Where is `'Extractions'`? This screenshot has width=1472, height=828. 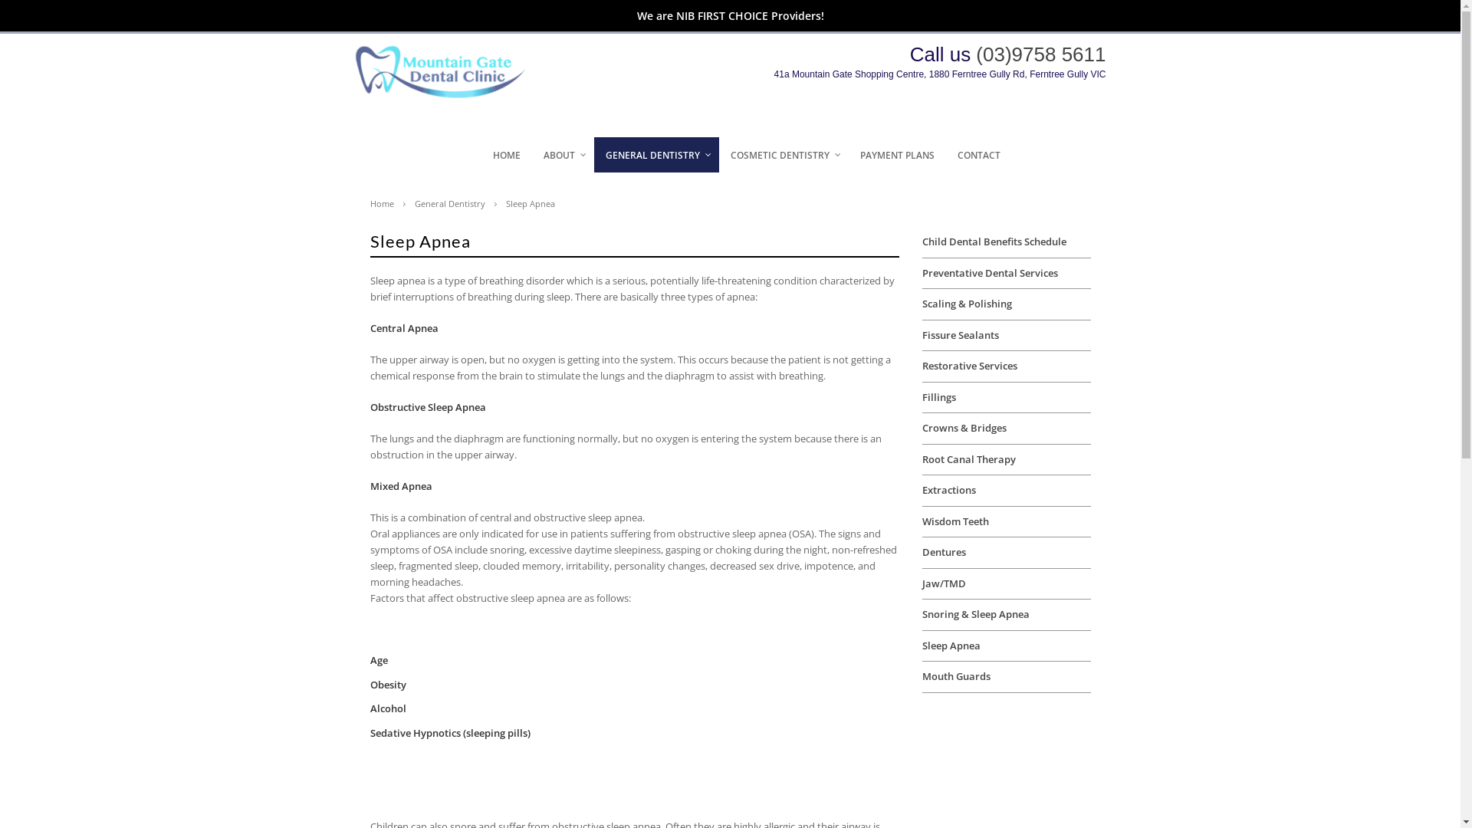
'Extractions' is located at coordinates (948, 490).